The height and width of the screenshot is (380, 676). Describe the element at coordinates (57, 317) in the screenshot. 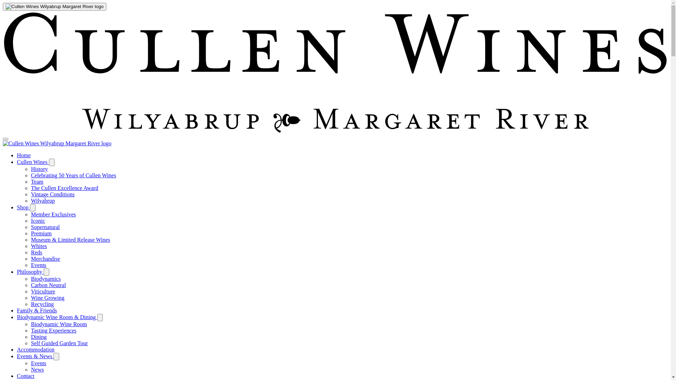

I see `'Biodynamic Wine Room & Dining'` at that location.